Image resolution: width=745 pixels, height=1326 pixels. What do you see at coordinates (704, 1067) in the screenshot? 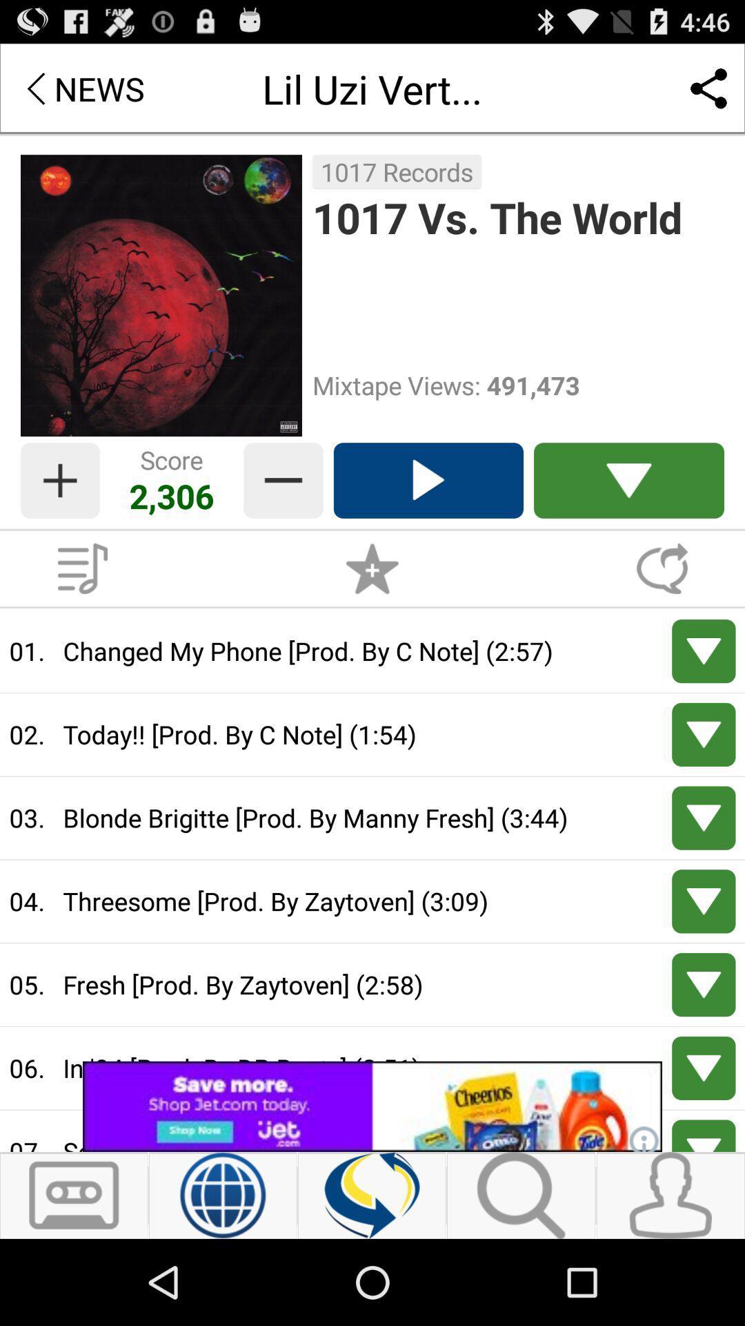
I see `song` at bounding box center [704, 1067].